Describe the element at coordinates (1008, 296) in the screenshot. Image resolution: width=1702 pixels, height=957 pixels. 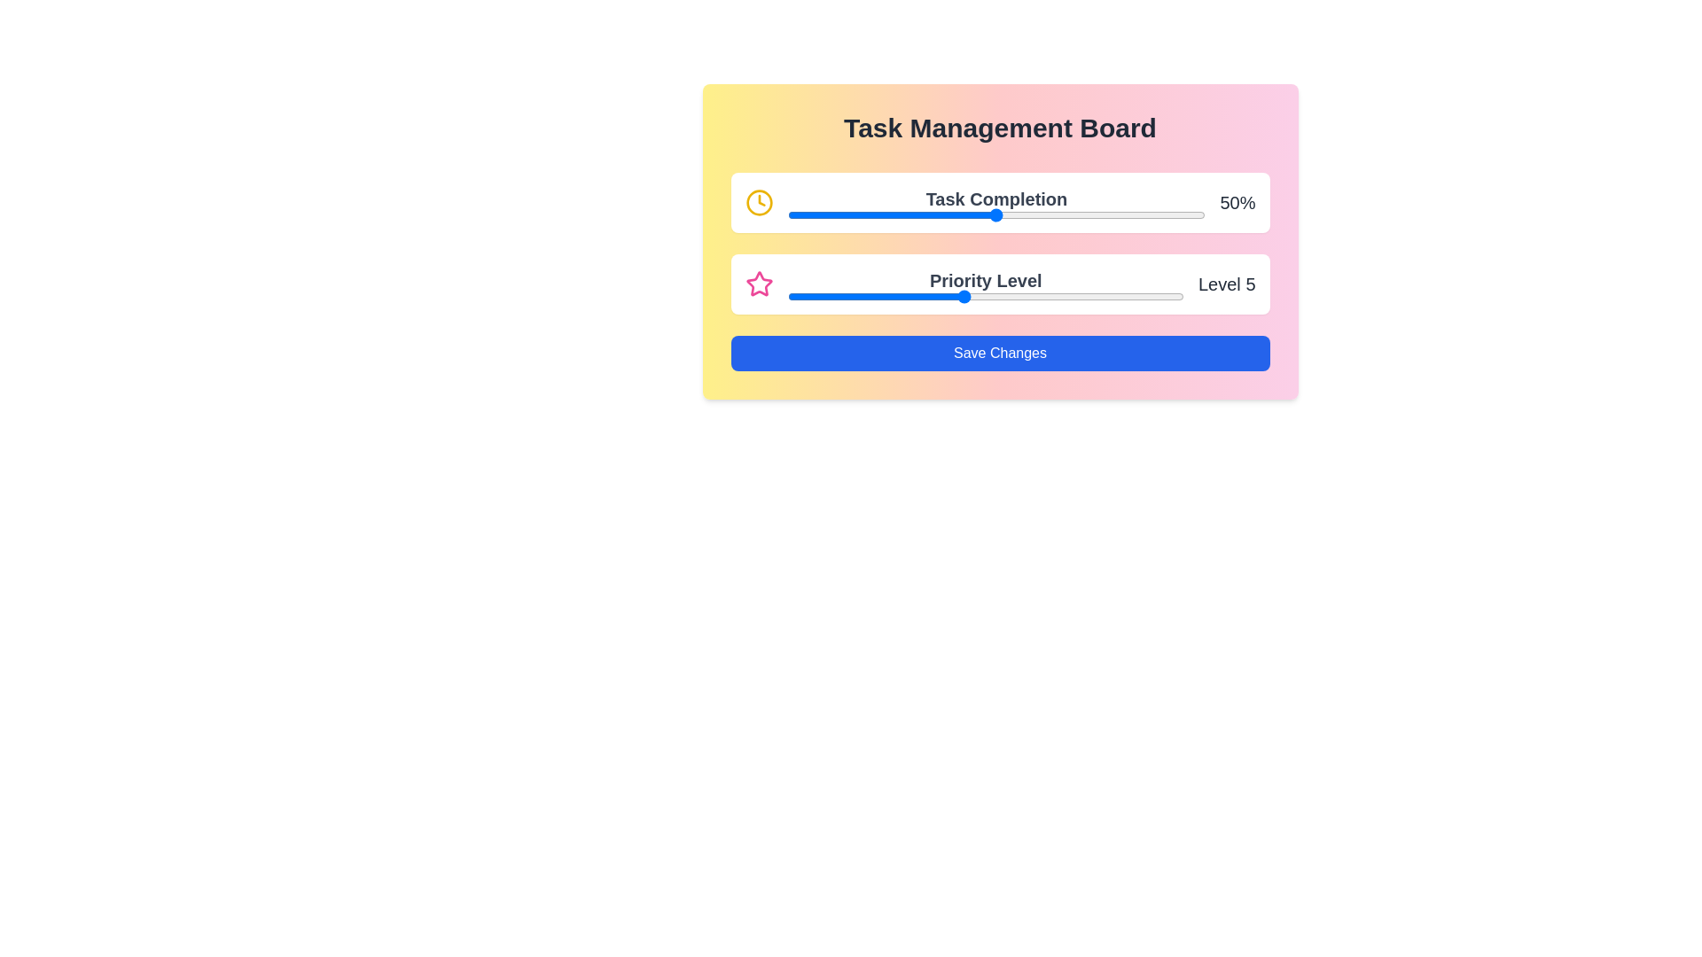
I see `priority level` at that location.